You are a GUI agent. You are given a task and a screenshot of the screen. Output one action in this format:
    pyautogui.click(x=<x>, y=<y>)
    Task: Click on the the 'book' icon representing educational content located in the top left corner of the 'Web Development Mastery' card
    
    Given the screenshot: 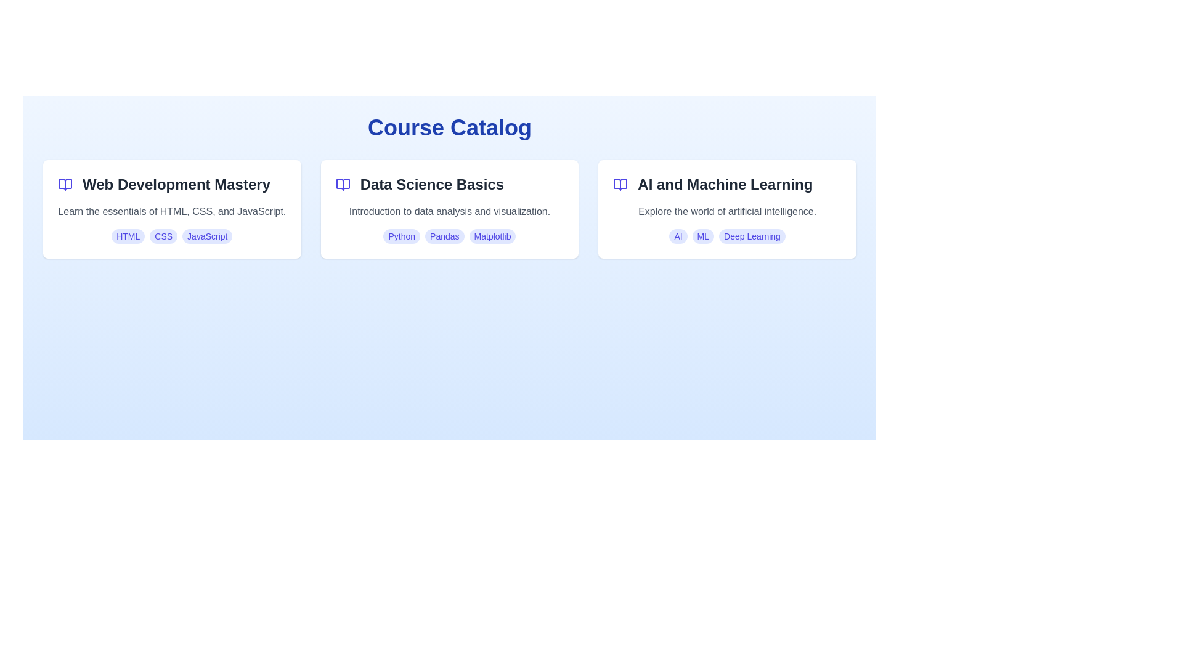 What is the action you would take?
    pyautogui.click(x=64, y=185)
    